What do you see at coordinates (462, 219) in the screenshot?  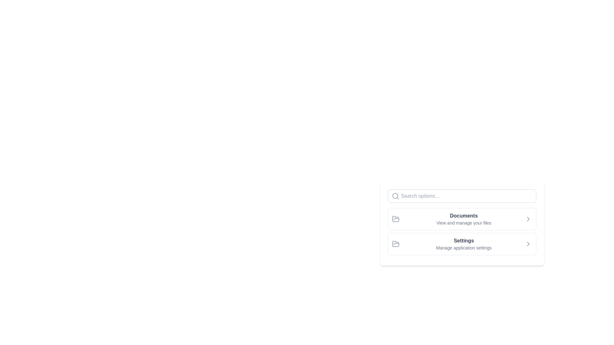 I see `the first navigational button in the vertical list that redirects to the document management section` at bounding box center [462, 219].